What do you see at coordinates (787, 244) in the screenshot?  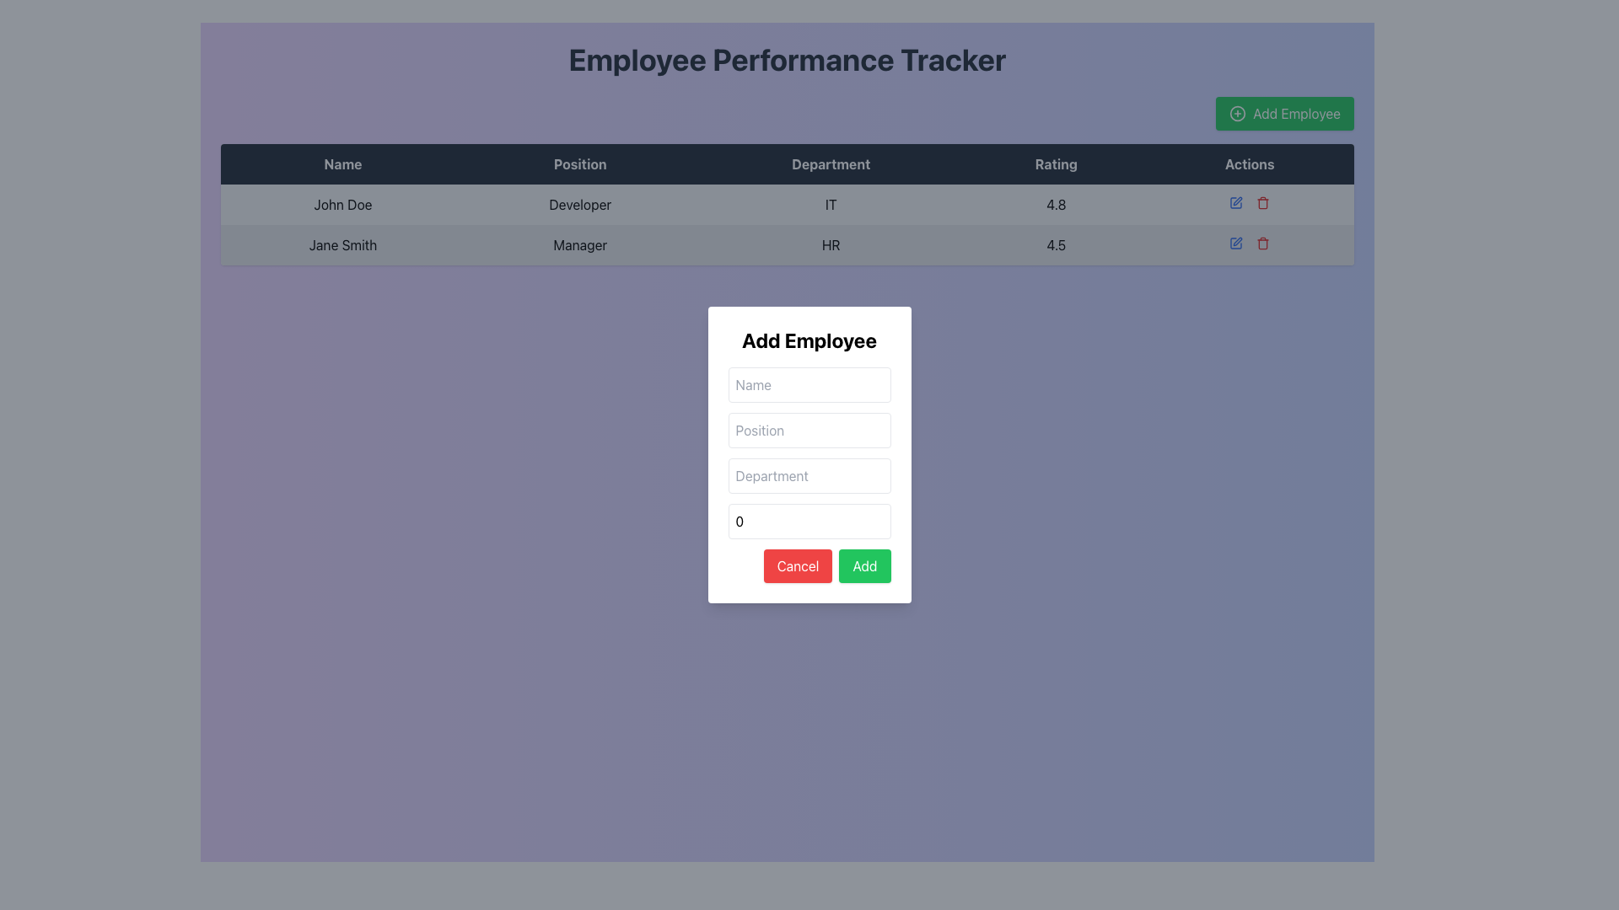 I see `the second row of the employee table` at bounding box center [787, 244].